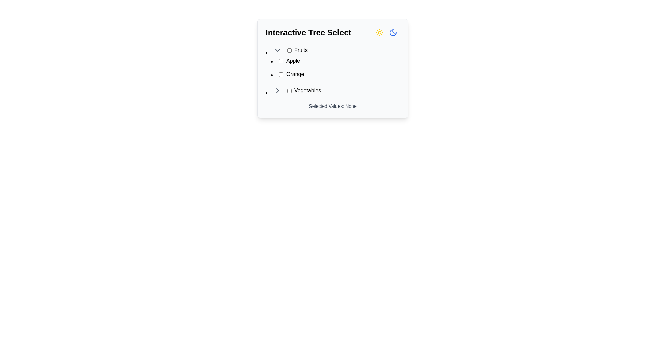  I want to click on the text label displaying 'Orange', which is styled in black text on a white background and positioned adjacent to a checkbox in the 'Fruits' category, so click(295, 74).